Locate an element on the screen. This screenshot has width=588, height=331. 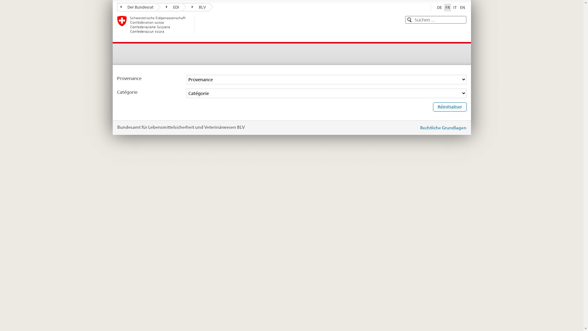
'IT' is located at coordinates (455, 7).